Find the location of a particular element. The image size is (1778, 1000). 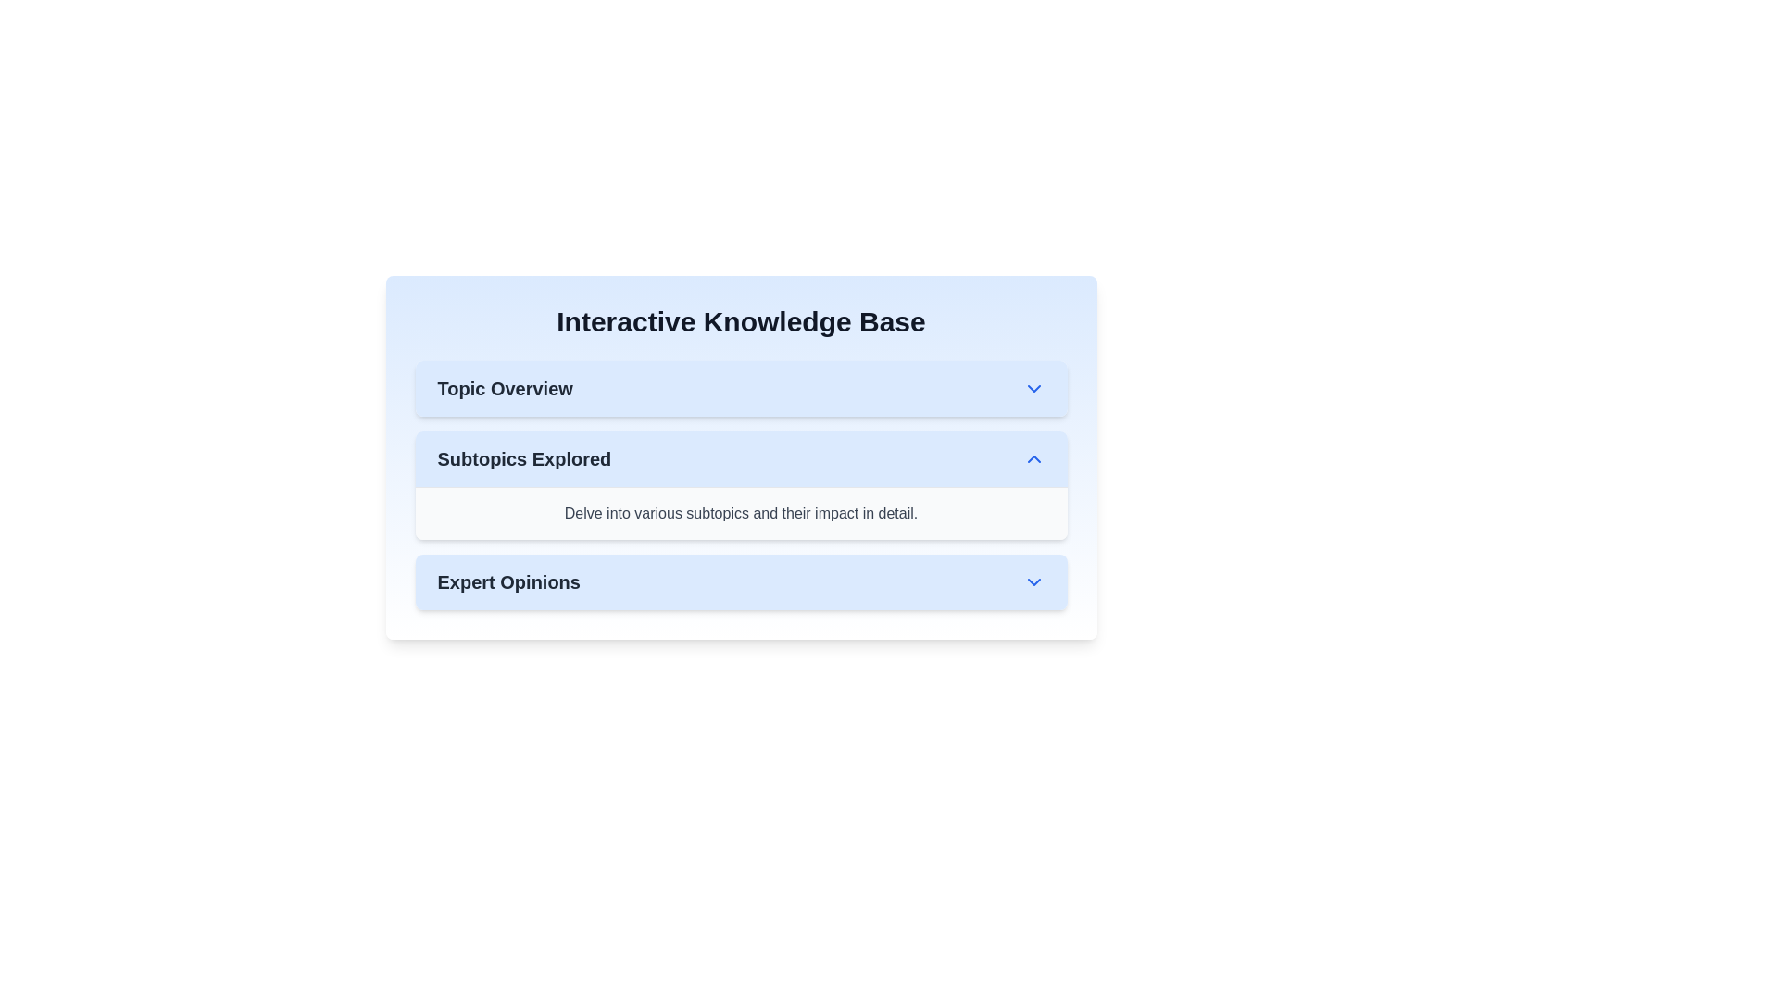

the downward-facing chevron icon, which is styled with sharp edges and colored blue, located on the right side of the 'Topic Overview' section is located at coordinates (1033, 388).